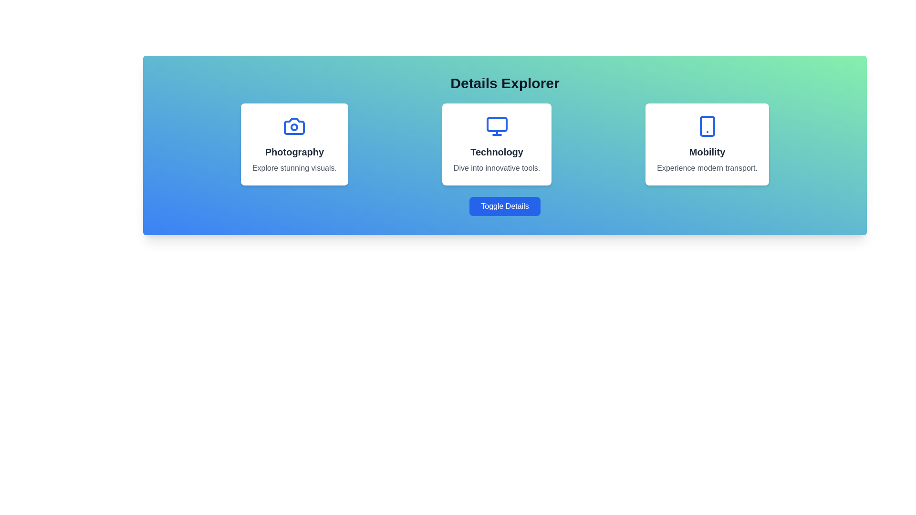 This screenshot has height=515, width=916. What do you see at coordinates (504, 206) in the screenshot?
I see `the toggle visibility button located at the bottom of the 'Details Explorer' section, which is centrally aligned beneath the 'Photography', 'Technology', and 'Mobility' cards` at bounding box center [504, 206].